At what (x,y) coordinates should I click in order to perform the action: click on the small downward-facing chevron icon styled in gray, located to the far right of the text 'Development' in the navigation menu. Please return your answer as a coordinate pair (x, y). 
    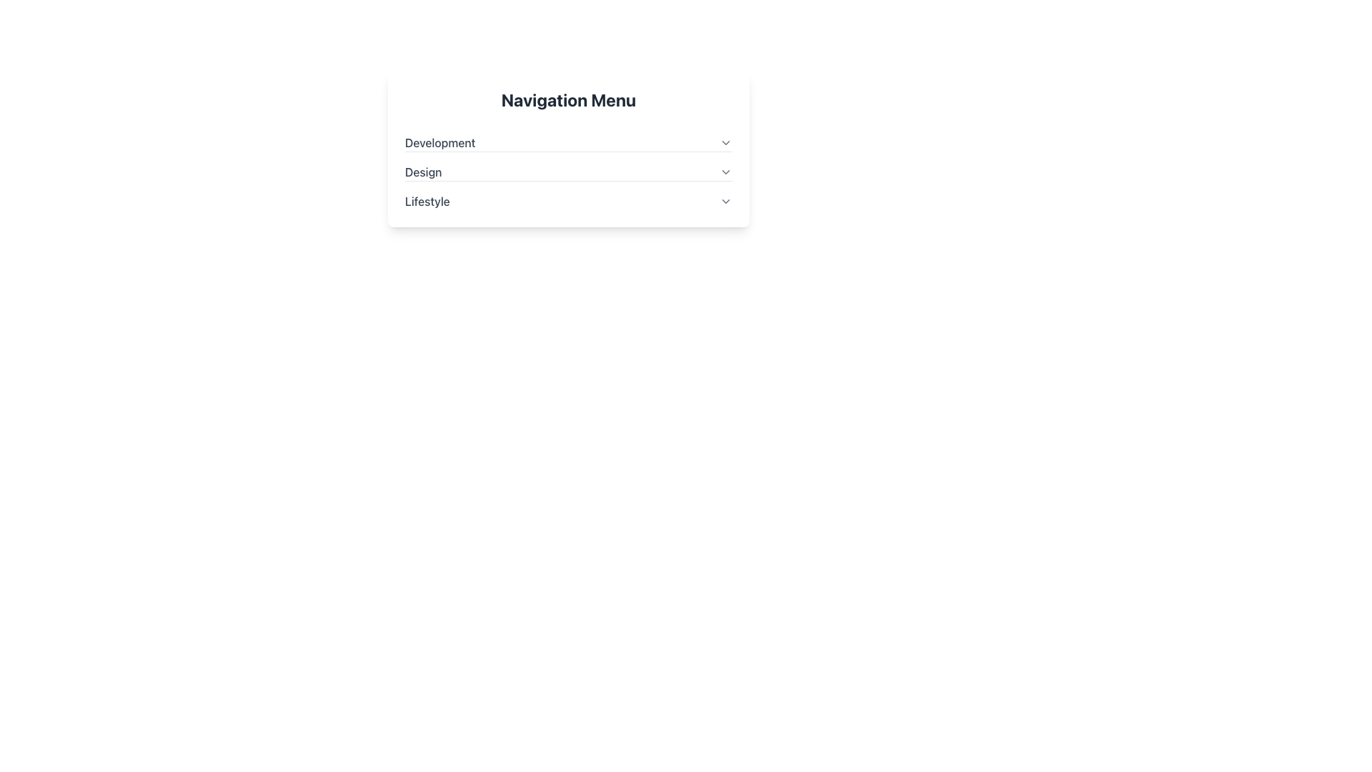
    Looking at the image, I should click on (726, 143).